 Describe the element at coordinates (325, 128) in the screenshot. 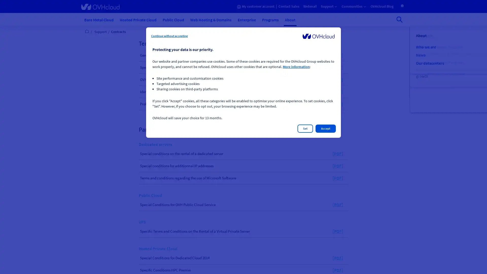

I see `Accept` at that location.